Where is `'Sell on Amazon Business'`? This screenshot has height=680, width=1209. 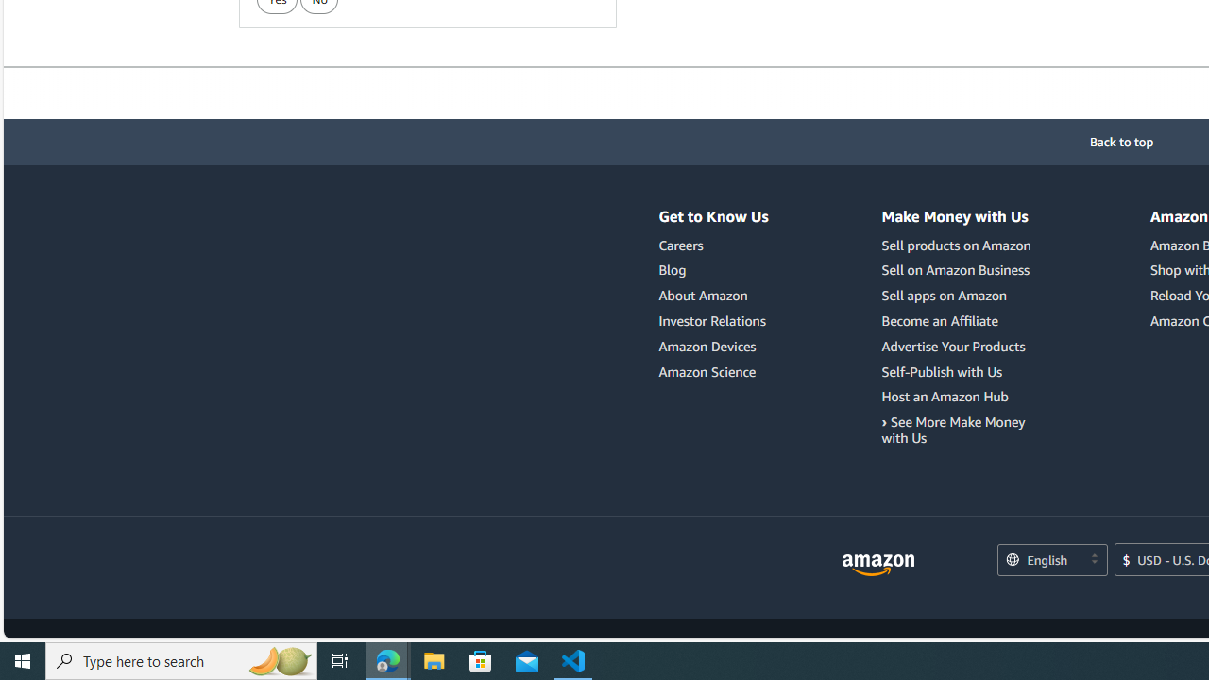 'Sell on Amazon Business' is located at coordinates (959, 270).